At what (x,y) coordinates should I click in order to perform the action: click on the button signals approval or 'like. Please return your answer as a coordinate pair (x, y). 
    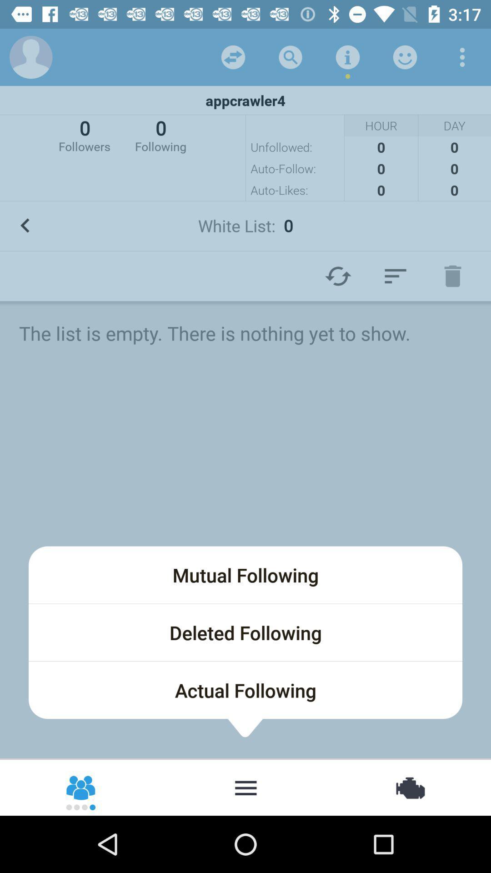
    Looking at the image, I should click on (405, 56).